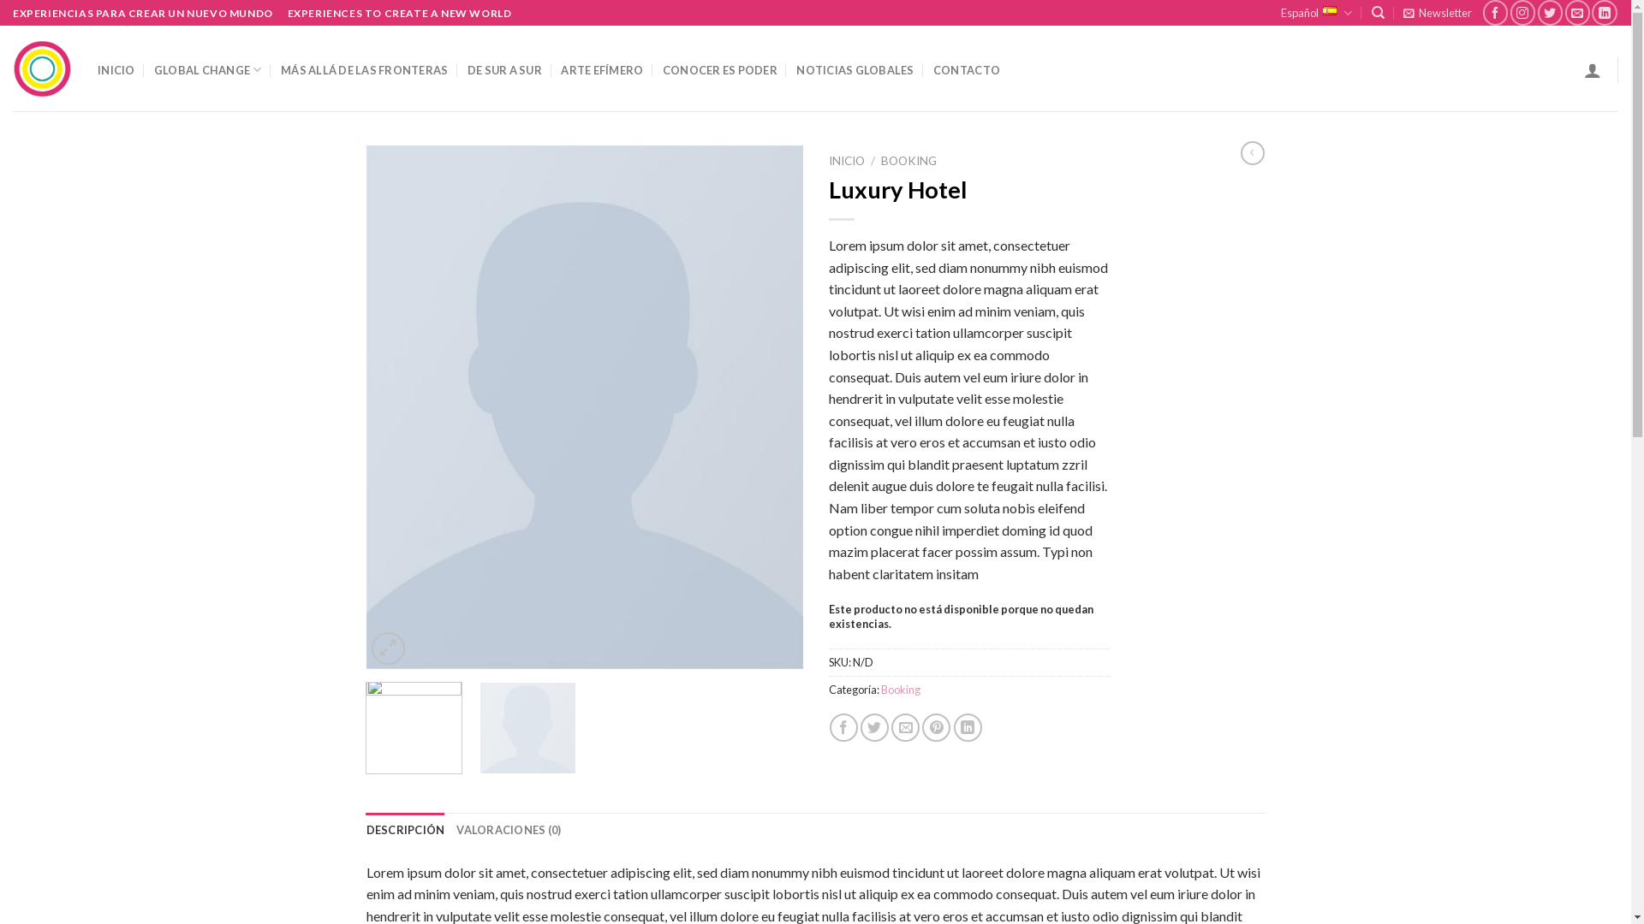  Describe the element at coordinates (1438, 13) in the screenshot. I see `'Newsletter'` at that location.